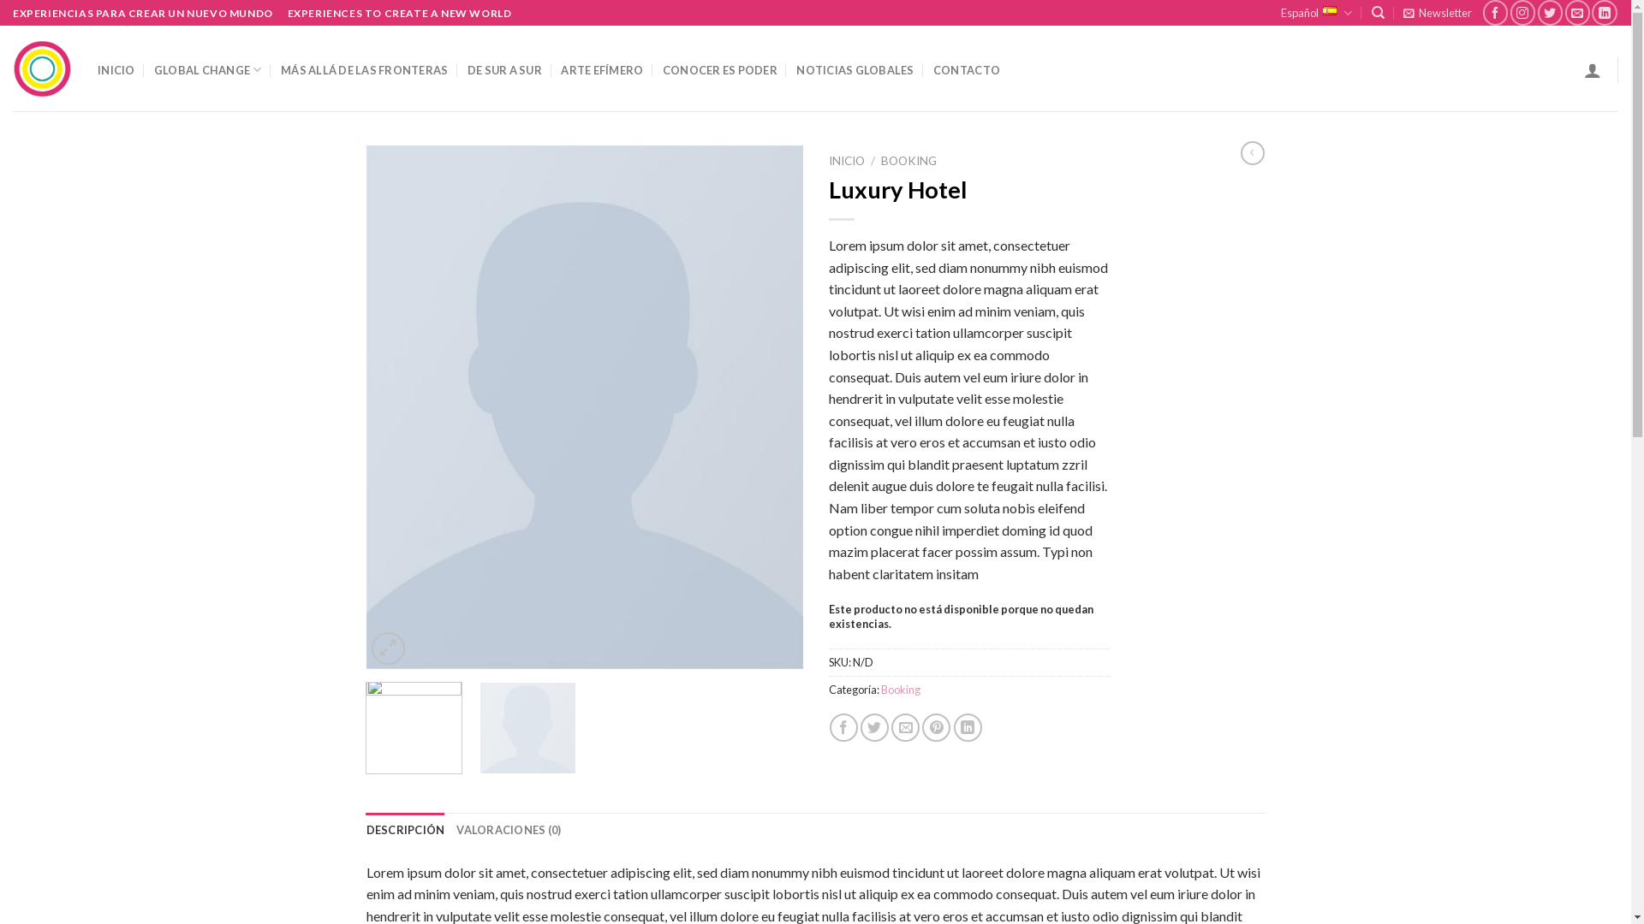  Describe the element at coordinates (1438, 13) in the screenshot. I see `'Newsletter'` at that location.